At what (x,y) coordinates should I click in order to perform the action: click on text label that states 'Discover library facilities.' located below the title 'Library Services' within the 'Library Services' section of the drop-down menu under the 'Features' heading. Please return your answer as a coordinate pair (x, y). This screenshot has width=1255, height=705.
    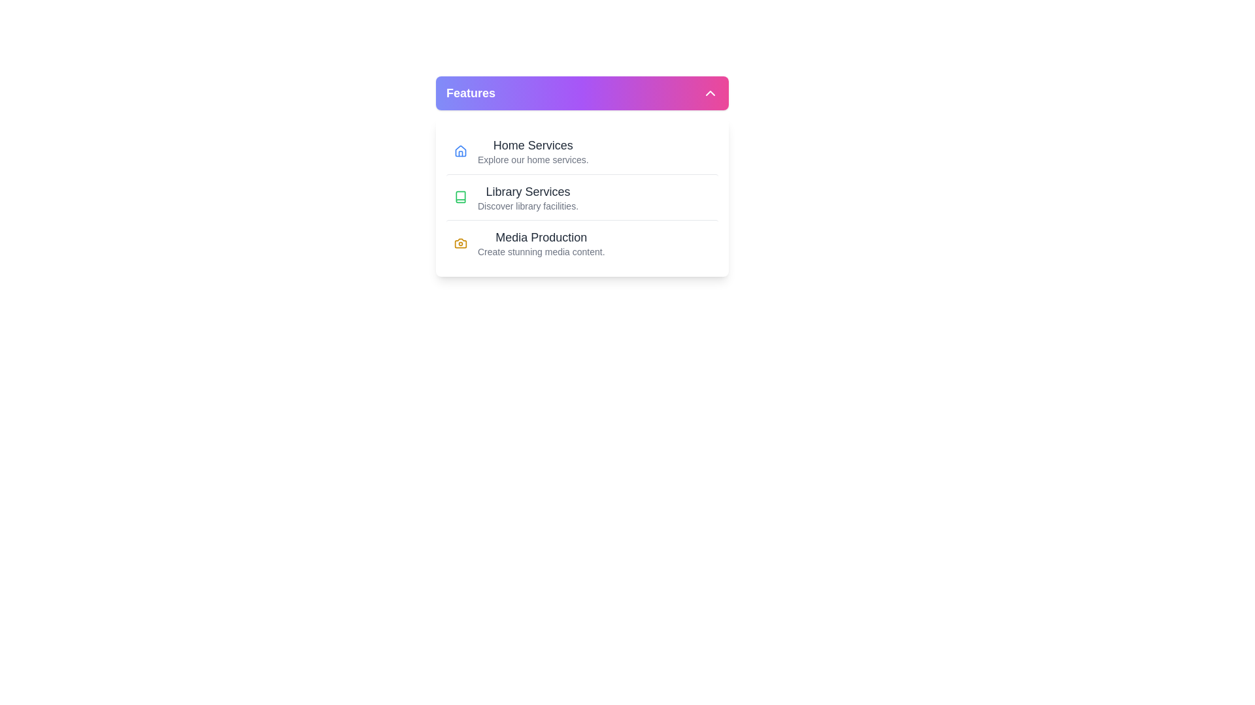
    Looking at the image, I should click on (527, 206).